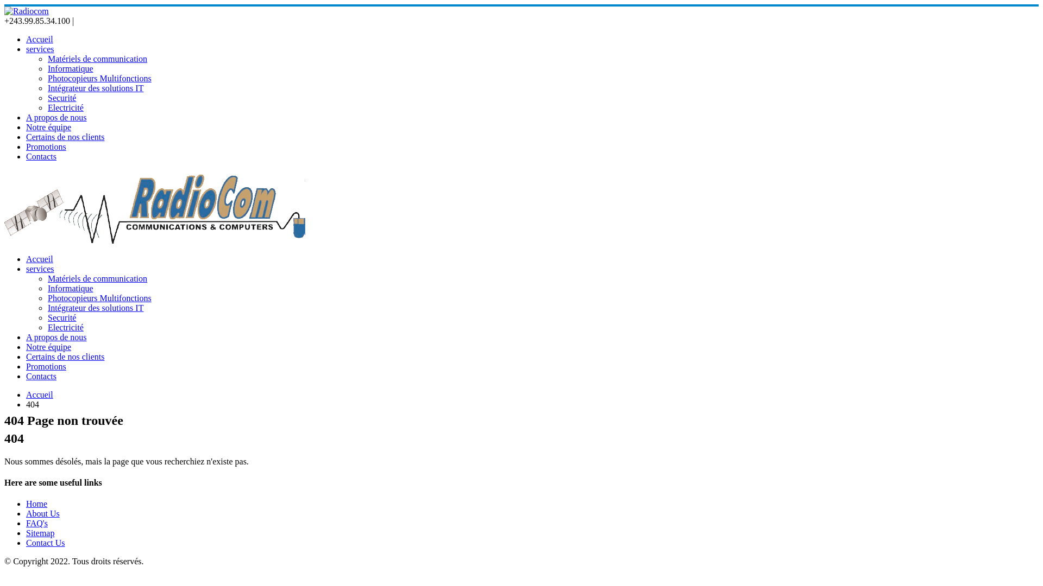  Describe the element at coordinates (26, 375) in the screenshot. I see `'Contacts'` at that location.